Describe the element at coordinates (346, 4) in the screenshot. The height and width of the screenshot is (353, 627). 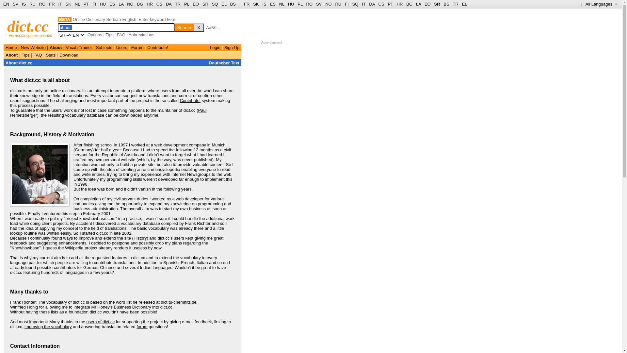
I see `'FI'` at that location.